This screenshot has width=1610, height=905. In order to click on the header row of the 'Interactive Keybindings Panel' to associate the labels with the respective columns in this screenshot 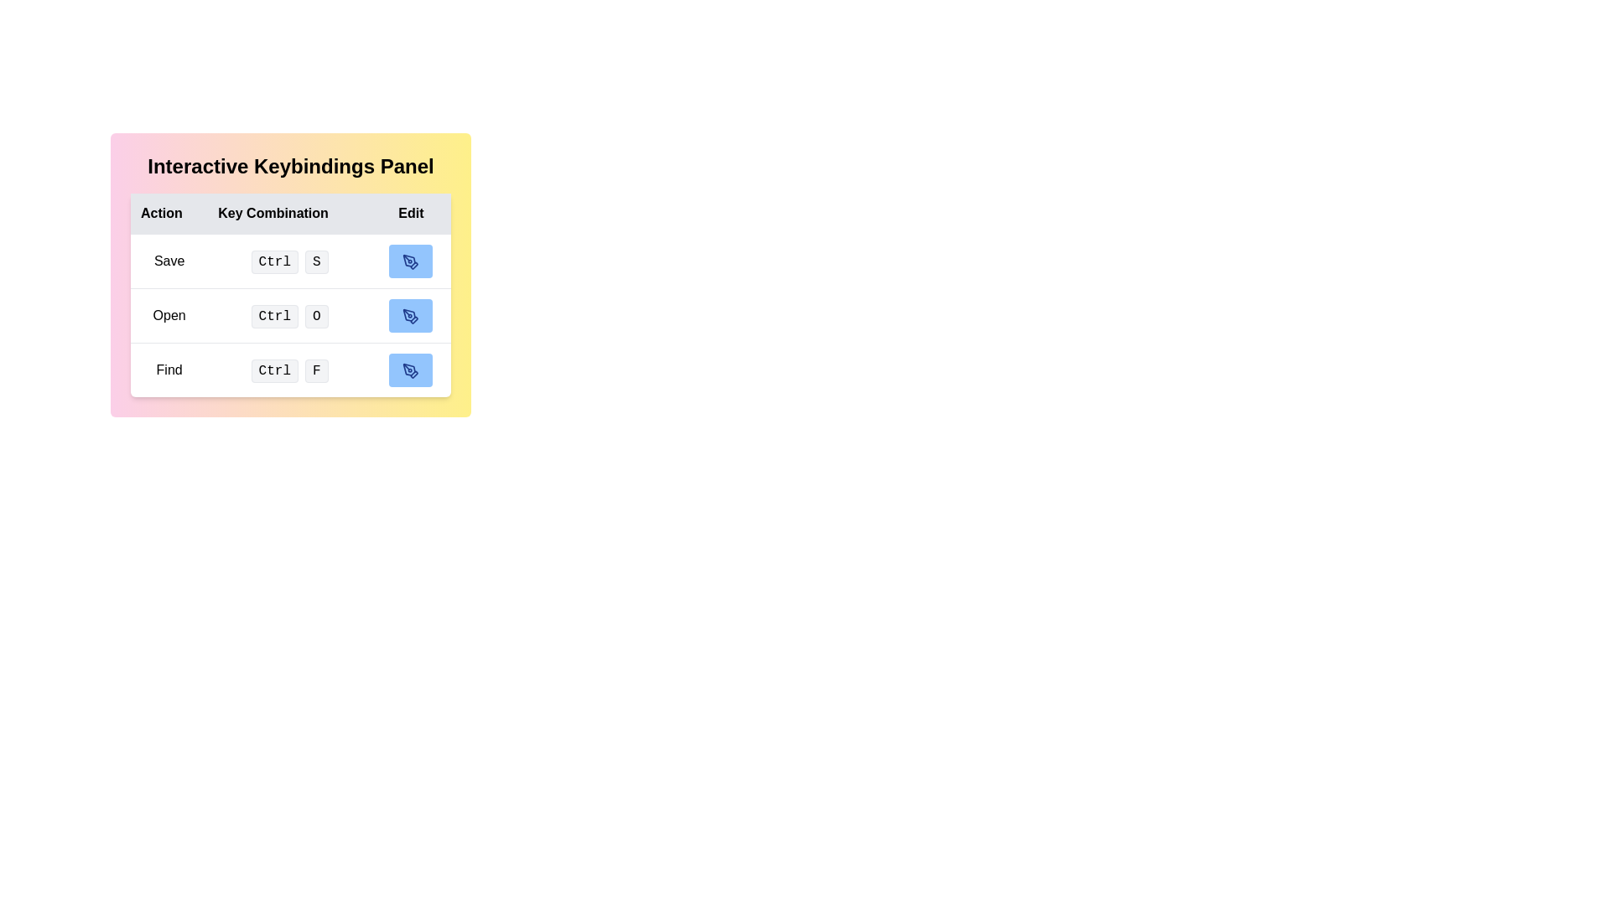, I will do `click(290, 212)`.